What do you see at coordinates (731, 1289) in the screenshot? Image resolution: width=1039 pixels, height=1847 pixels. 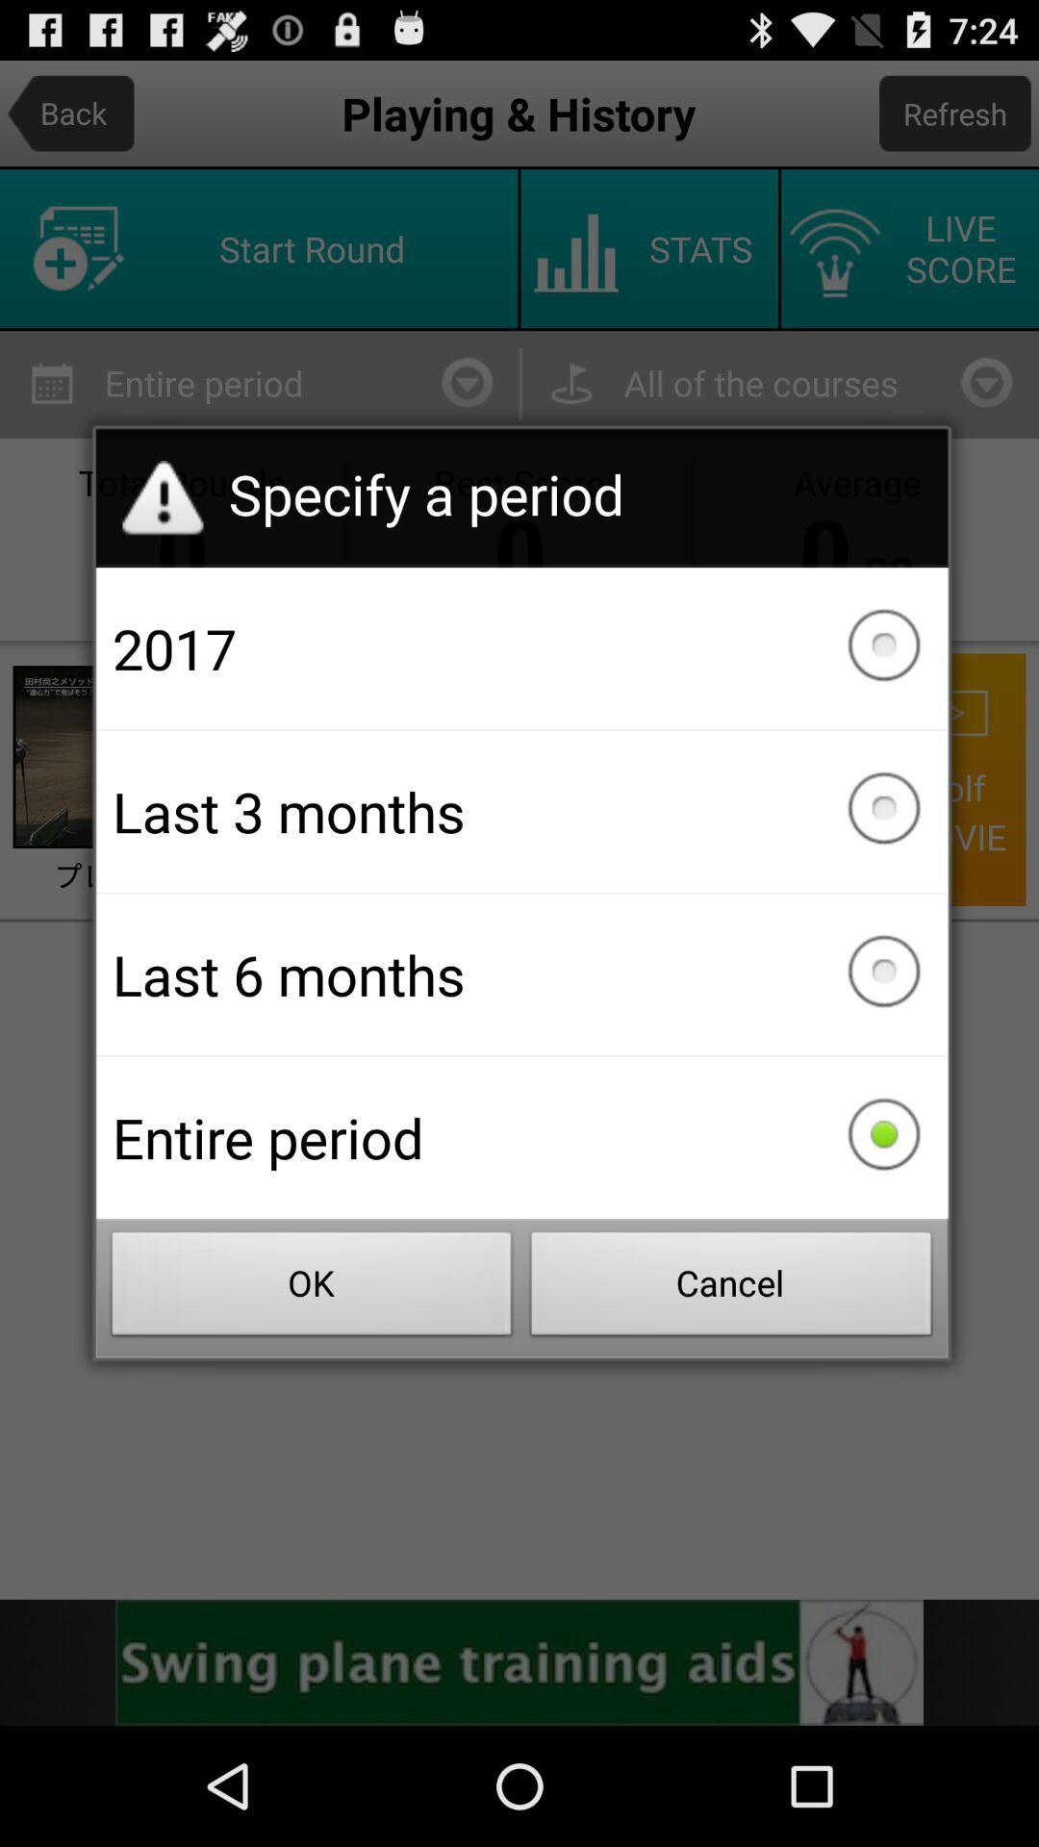 I see `the icon at the bottom right corner` at bounding box center [731, 1289].